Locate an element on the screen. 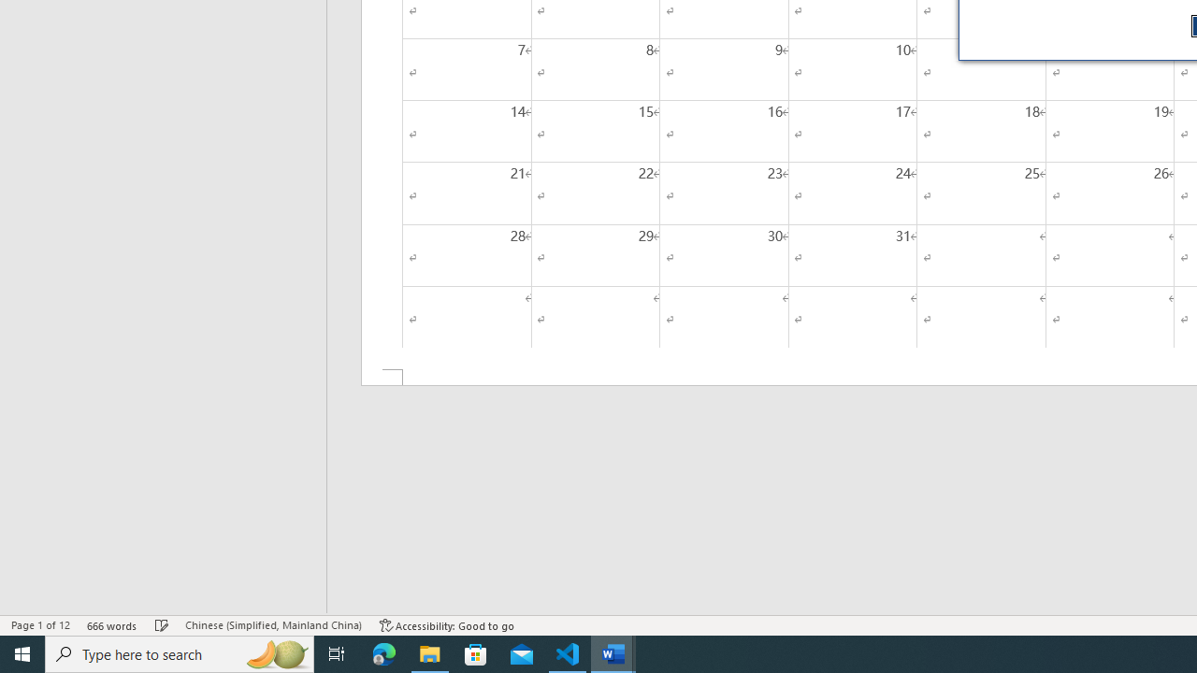 The width and height of the screenshot is (1197, 673). 'Word - 2 running windows' is located at coordinates (613, 652).